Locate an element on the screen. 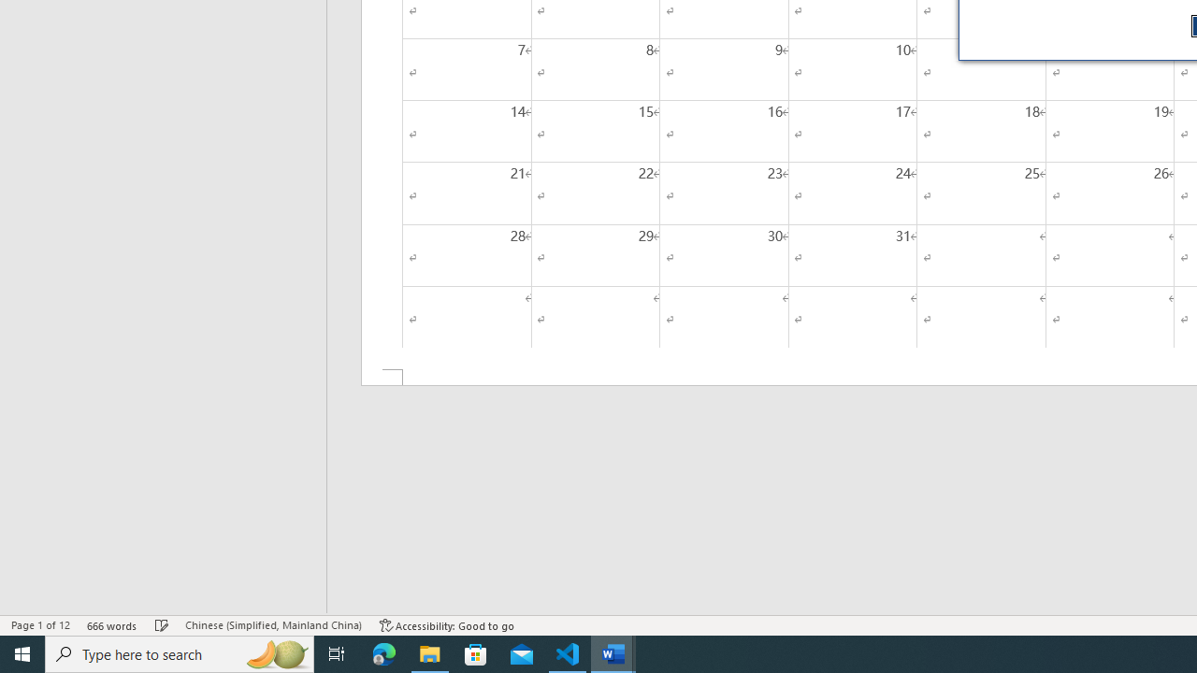 The width and height of the screenshot is (1197, 673). 'Word - 2 running windows' is located at coordinates (613, 652).